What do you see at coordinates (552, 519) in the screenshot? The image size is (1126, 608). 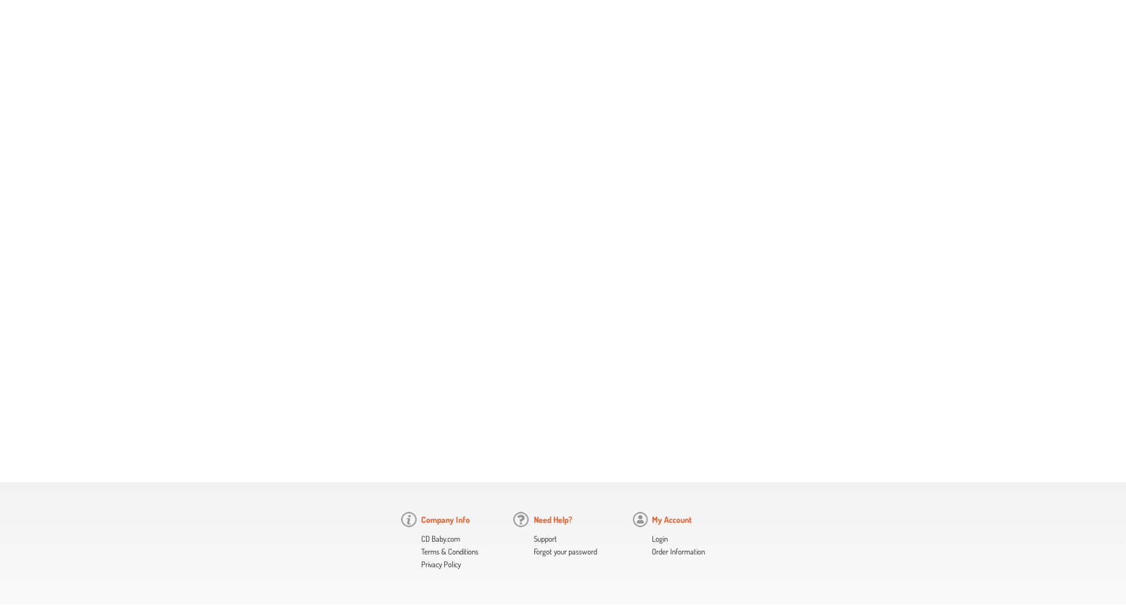 I see `'Need Help?'` at bounding box center [552, 519].